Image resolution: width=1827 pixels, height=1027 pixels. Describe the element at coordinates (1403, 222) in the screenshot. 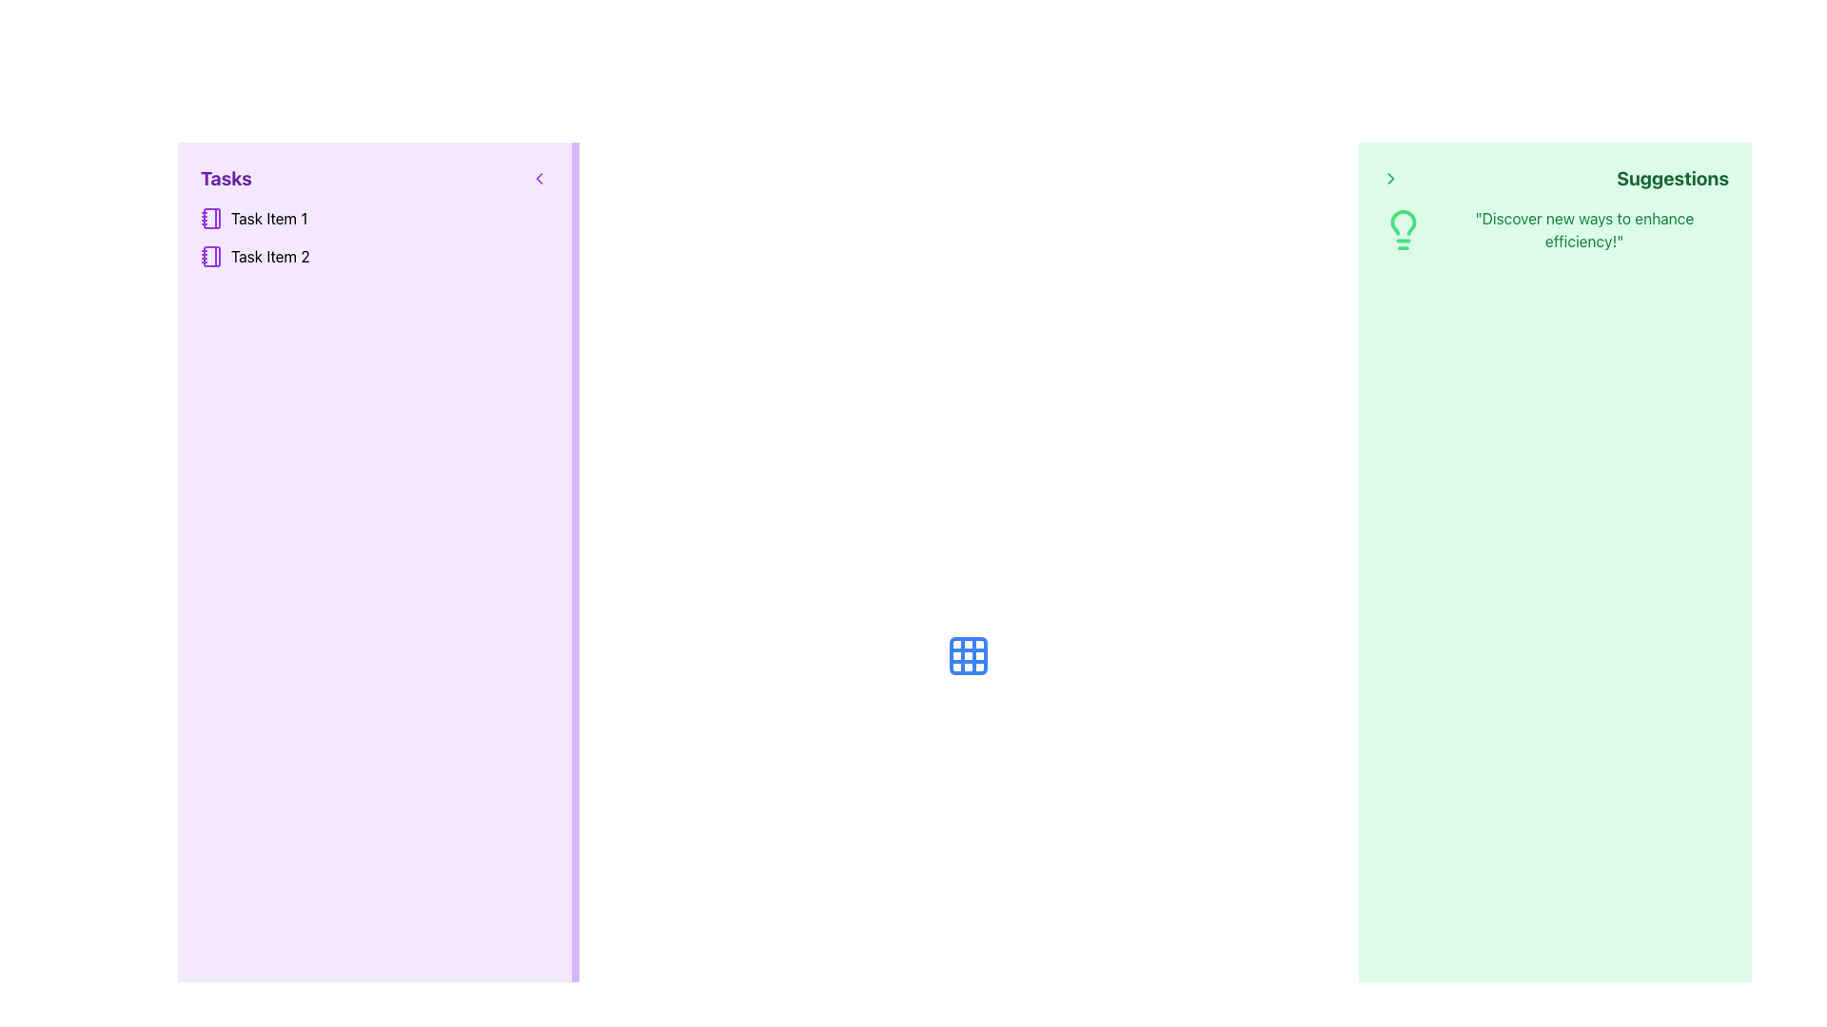

I see `the uppermost section of the lightbulb icon in the 'Suggestions' panel, located left of the text 'Discover new ways to enhance efficiency!'` at that location.